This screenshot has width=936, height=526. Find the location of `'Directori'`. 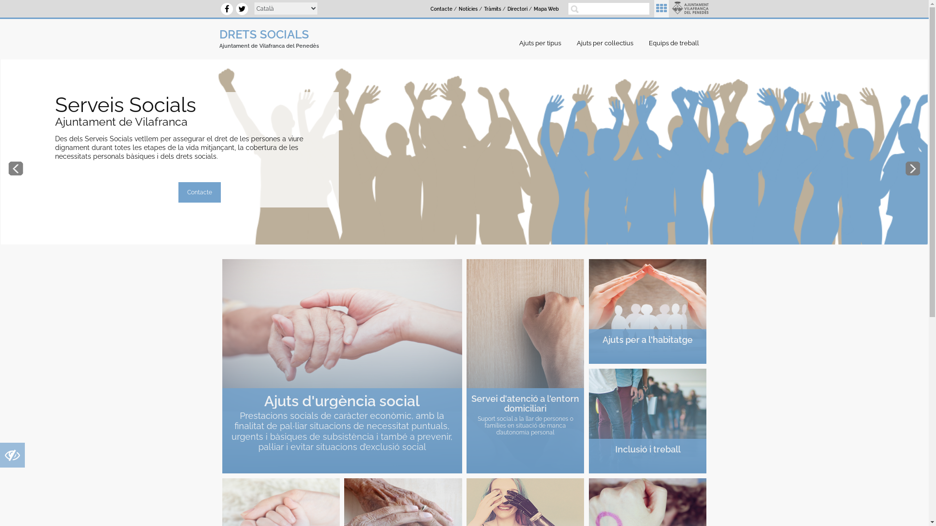

'Directori' is located at coordinates (517, 9).